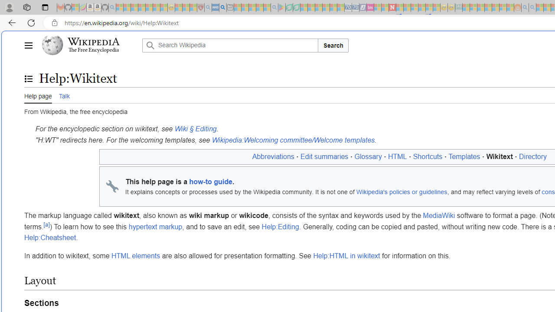  What do you see at coordinates (272, 156) in the screenshot?
I see `'Abbreviations'` at bounding box center [272, 156].